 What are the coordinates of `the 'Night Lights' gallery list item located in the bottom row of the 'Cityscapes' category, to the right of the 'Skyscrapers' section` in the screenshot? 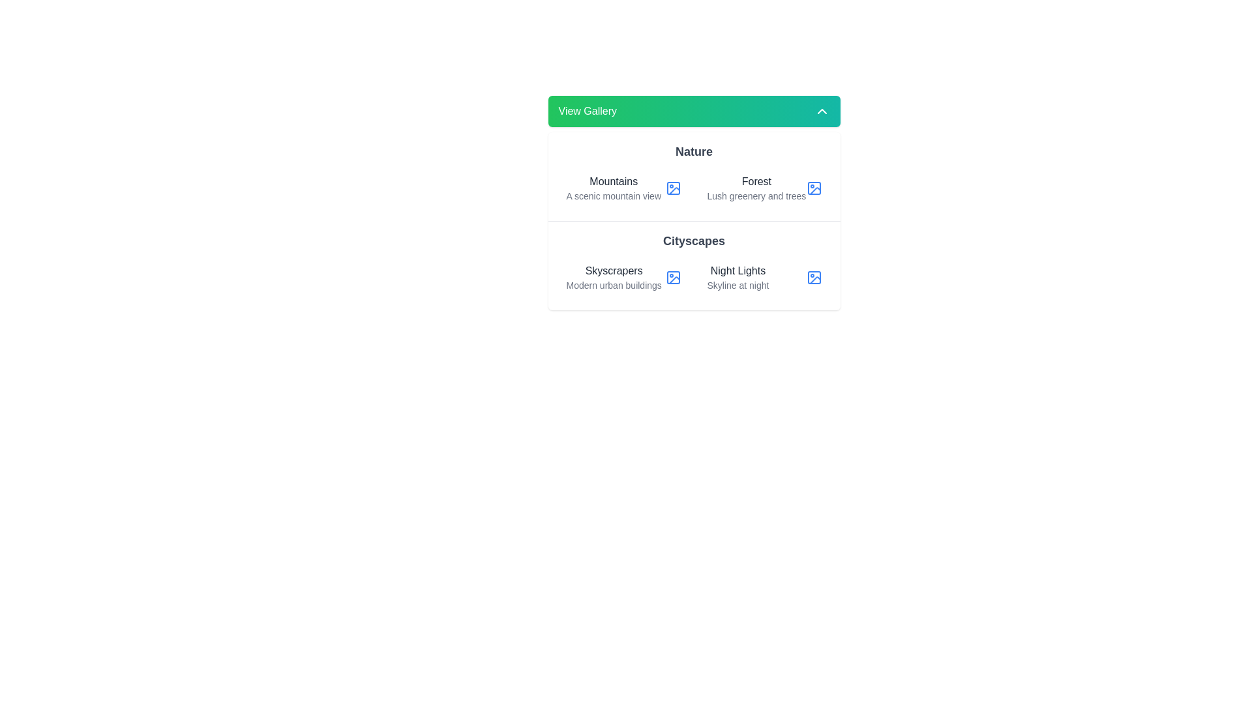 It's located at (764, 276).